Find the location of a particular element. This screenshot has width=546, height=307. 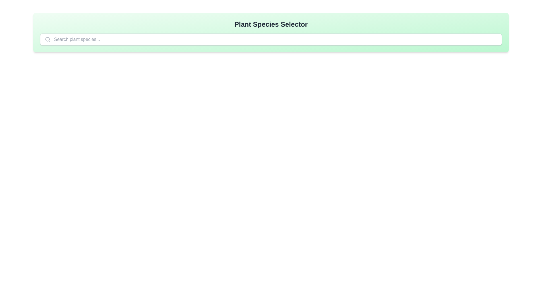

the SVG circle element that is part of the magnifying glass icon used for the search function, located in the search bar near the placeholder text 'Search plant species...' is located at coordinates (47, 39).